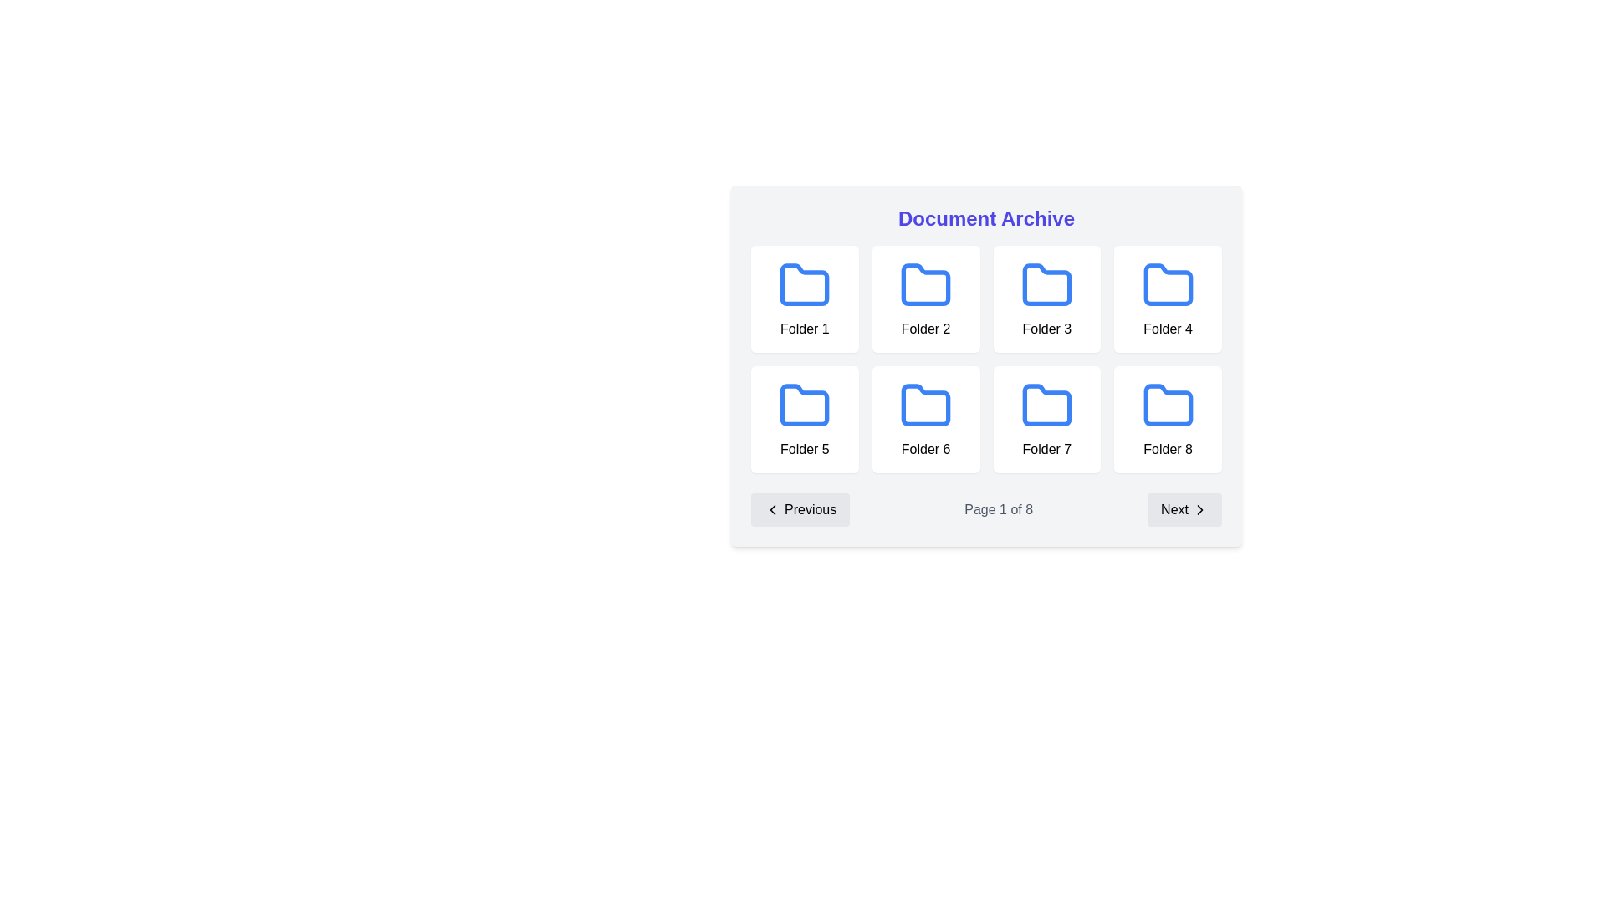  Describe the element at coordinates (1184, 508) in the screenshot. I see `the navigation button located at the far right of the bottom navigation bar to advance to the next page of content` at that location.